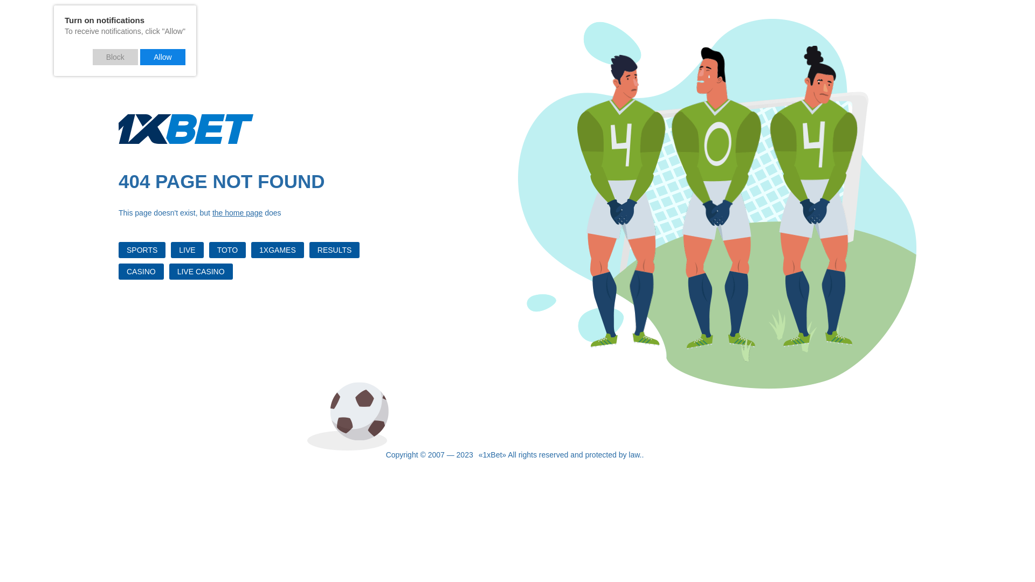 This screenshot has width=1035, height=582. I want to click on 'Allow', so click(162, 57).